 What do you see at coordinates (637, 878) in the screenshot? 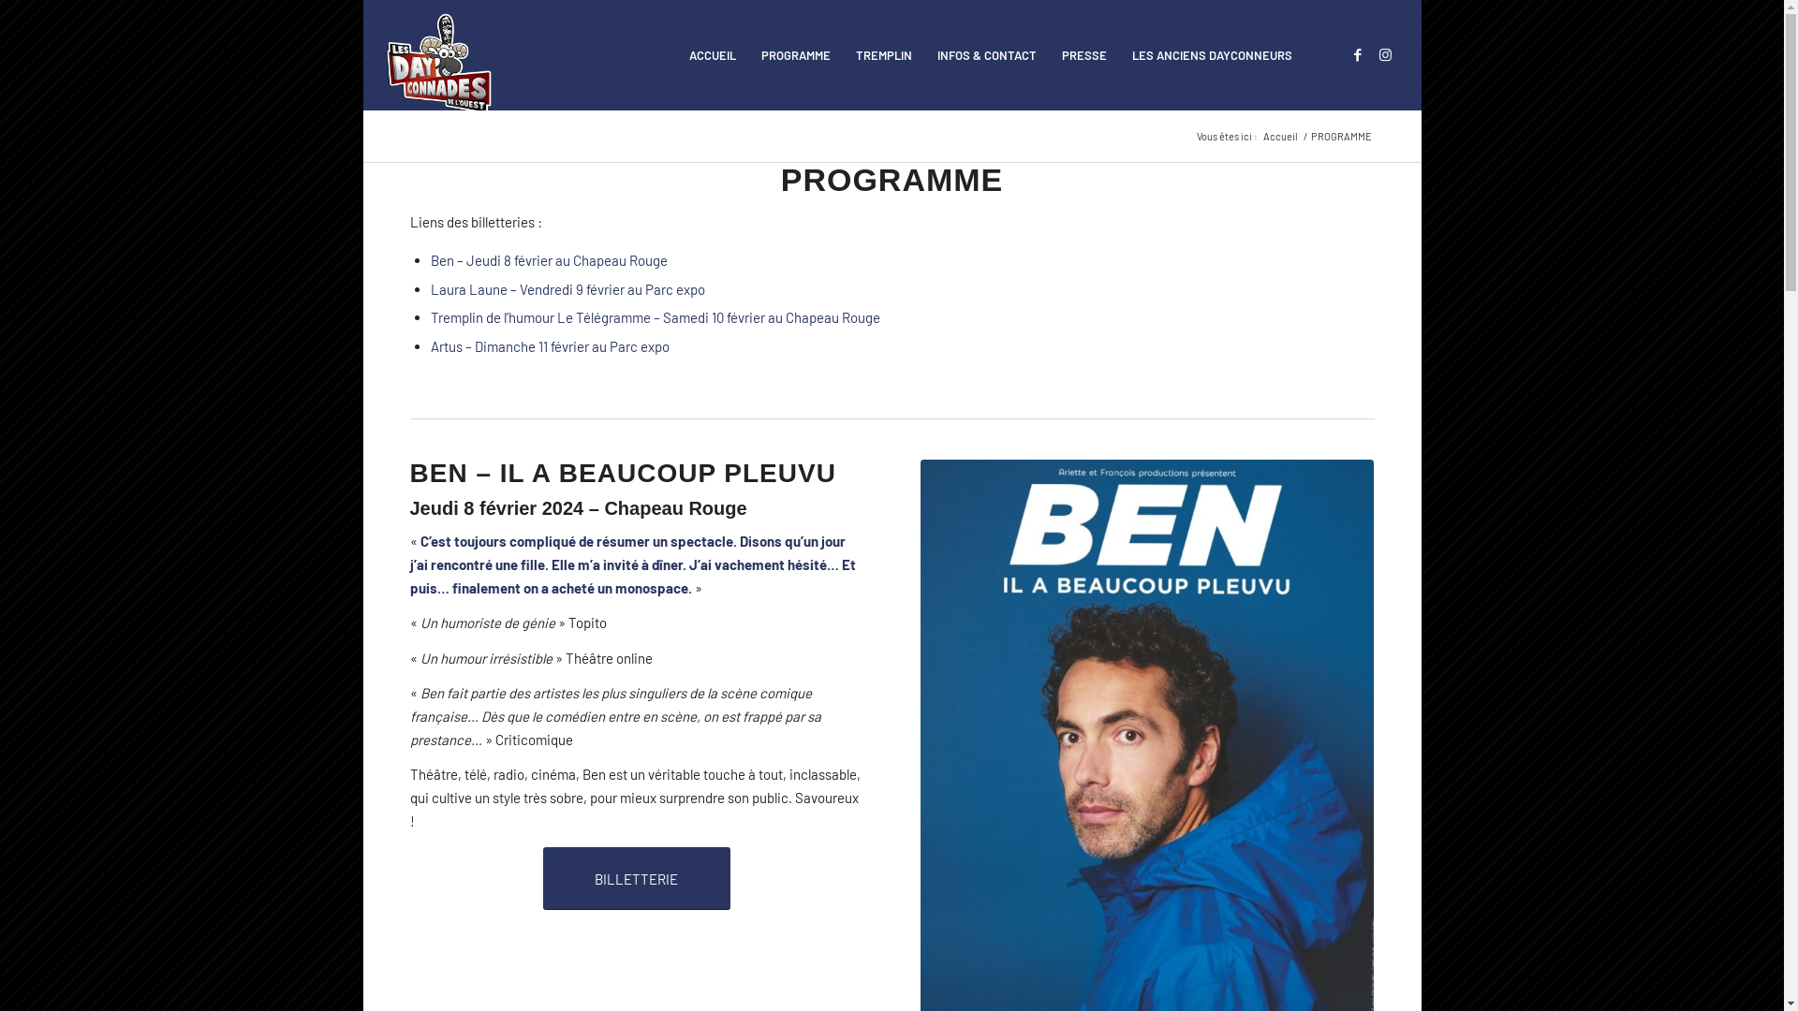
I see `'BILLETTERIE'` at bounding box center [637, 878].